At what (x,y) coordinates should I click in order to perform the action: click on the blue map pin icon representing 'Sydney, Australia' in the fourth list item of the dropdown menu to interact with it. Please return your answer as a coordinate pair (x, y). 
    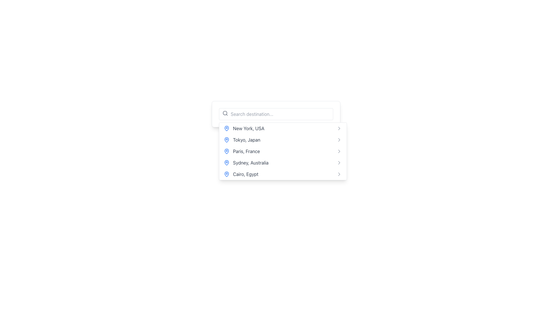
    Looking at the image, I should click on (226, 162).